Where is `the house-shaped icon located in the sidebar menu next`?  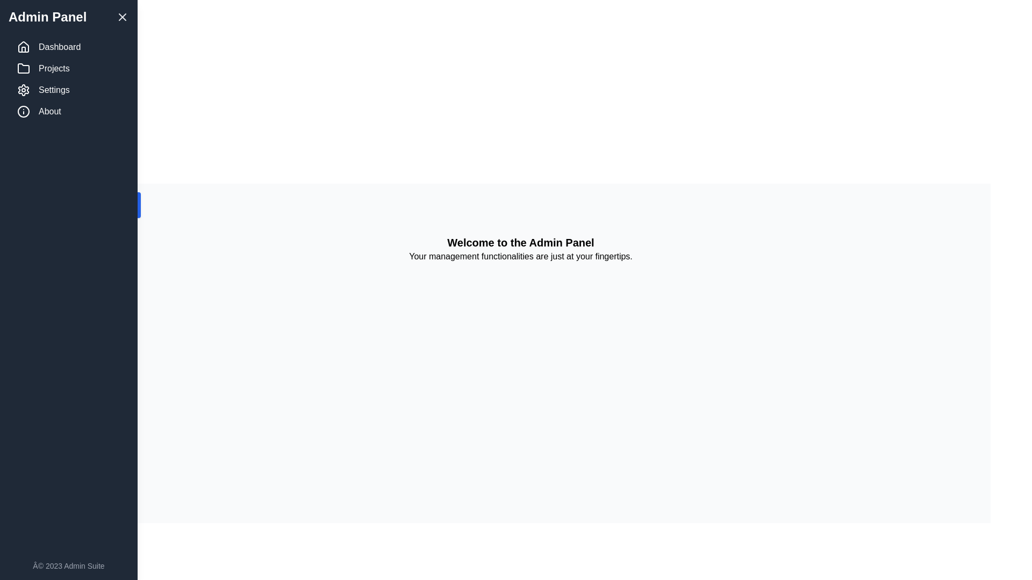 the house-shaped icon located in the sidebar menu next is located at coordinates (23, 46).